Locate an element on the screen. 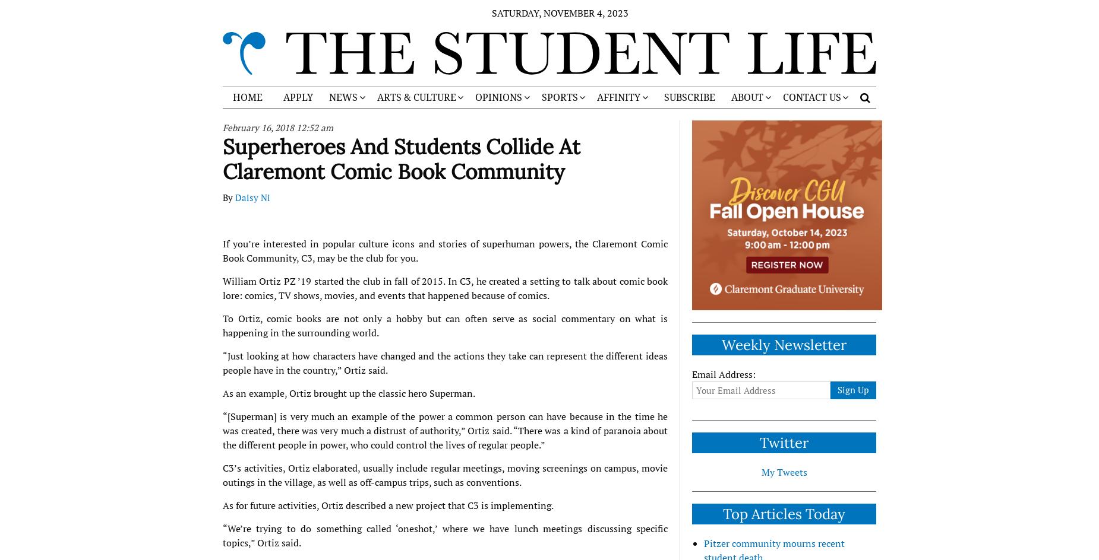 The width and height of the screenshot is (1099, 560). 'STAFF' is located at coordinates (733, 142).